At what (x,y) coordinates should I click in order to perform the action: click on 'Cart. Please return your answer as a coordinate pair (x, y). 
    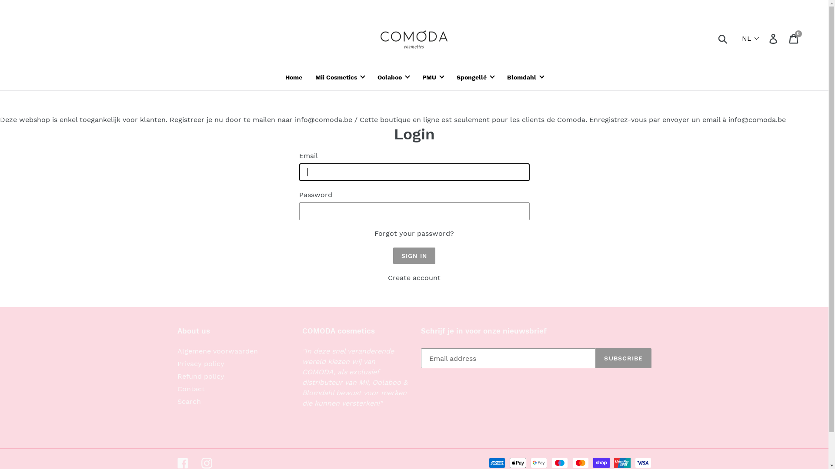
    Looking at the image, I should click on (794, 38).